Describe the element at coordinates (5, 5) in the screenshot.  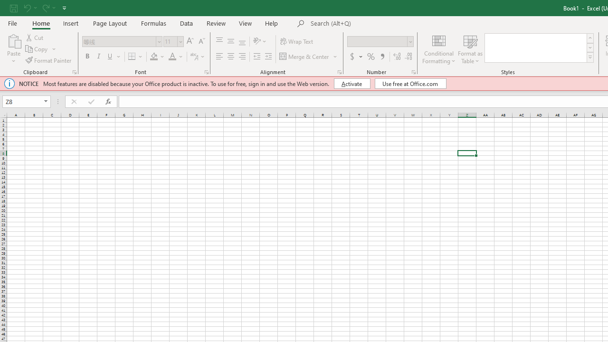
I see `'System'` at that location.